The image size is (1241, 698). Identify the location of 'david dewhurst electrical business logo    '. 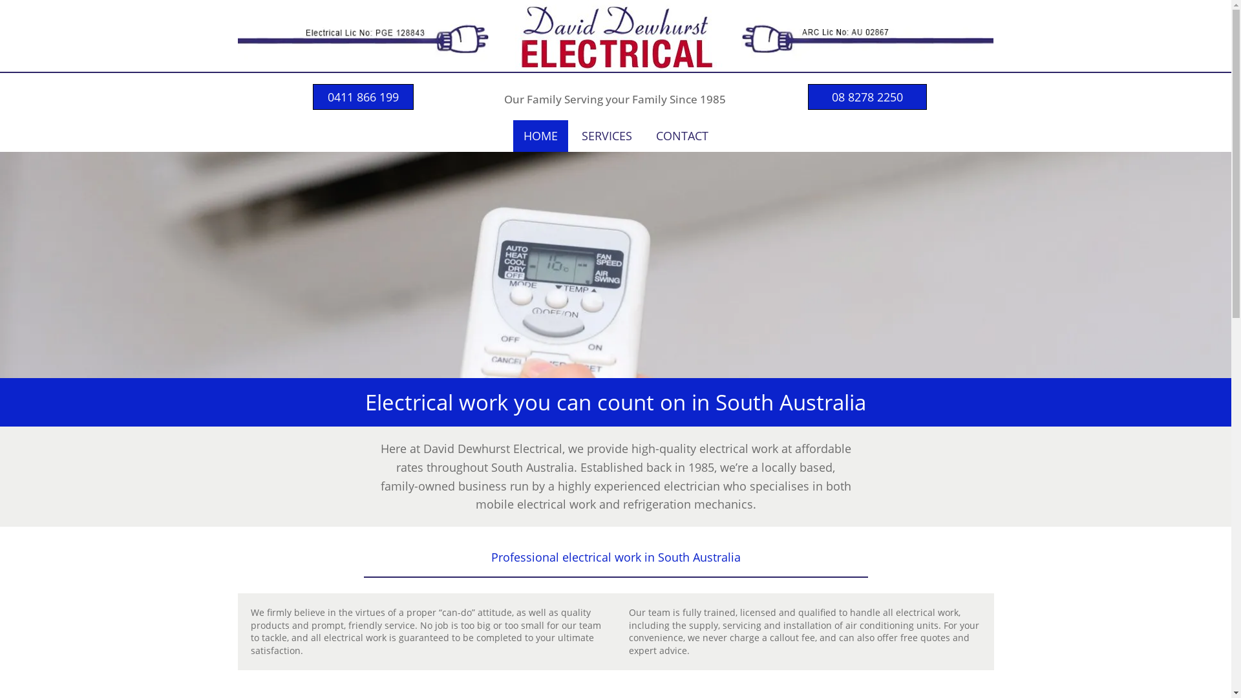
(493, 35).